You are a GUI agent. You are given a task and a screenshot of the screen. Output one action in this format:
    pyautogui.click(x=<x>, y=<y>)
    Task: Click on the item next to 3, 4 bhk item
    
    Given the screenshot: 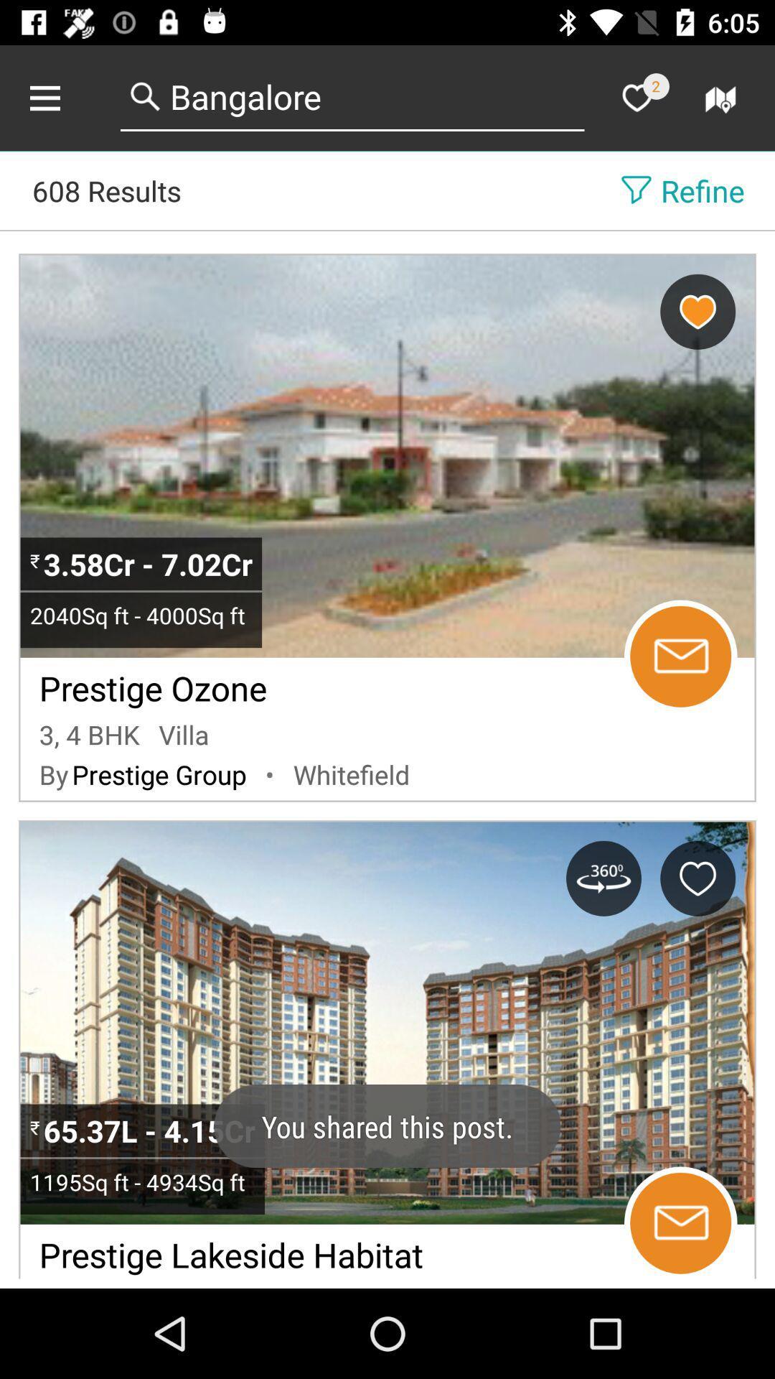 What is the action you would take?
    pyautogui.click(x=183, y=734)
    